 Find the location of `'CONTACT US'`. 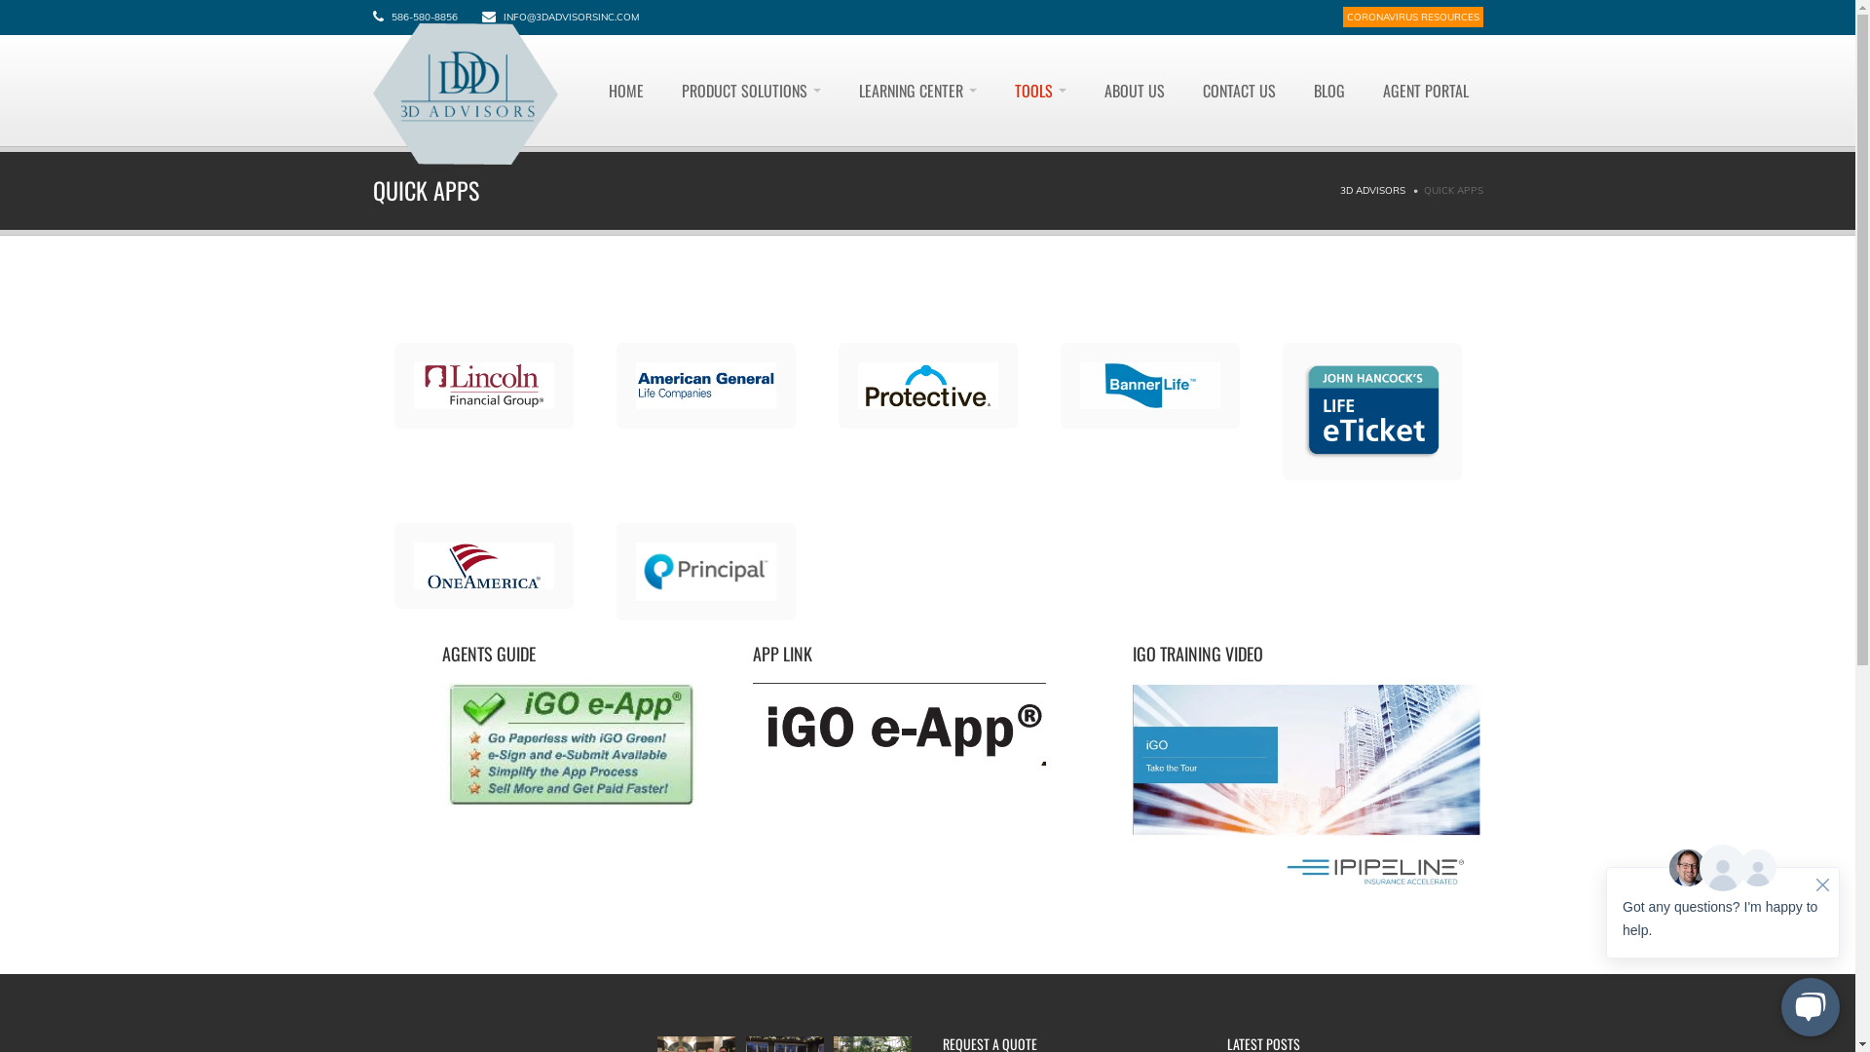

'CONTACT US' is located at coordinates (1238, 90).